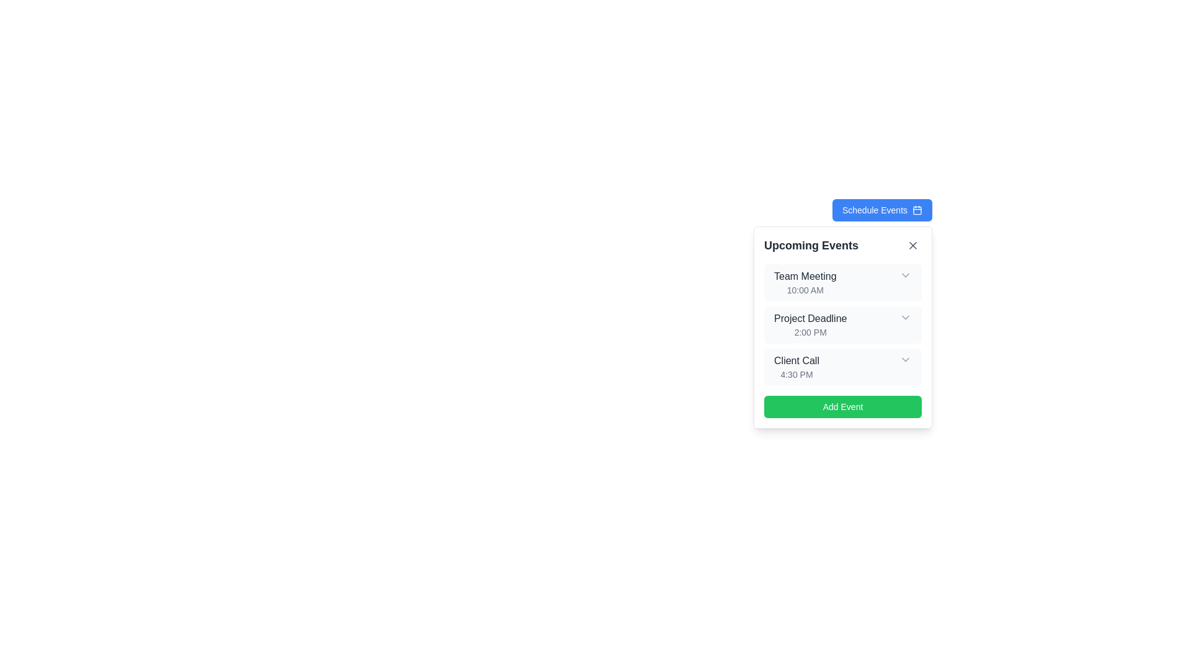 This screenshot has height=670, width=1191. Describe the element at coordinates (913, 246) in the screenshot. I see `the close button located at the top-right corner of the 'Upcoming Events' section header to change its background color` at that location.